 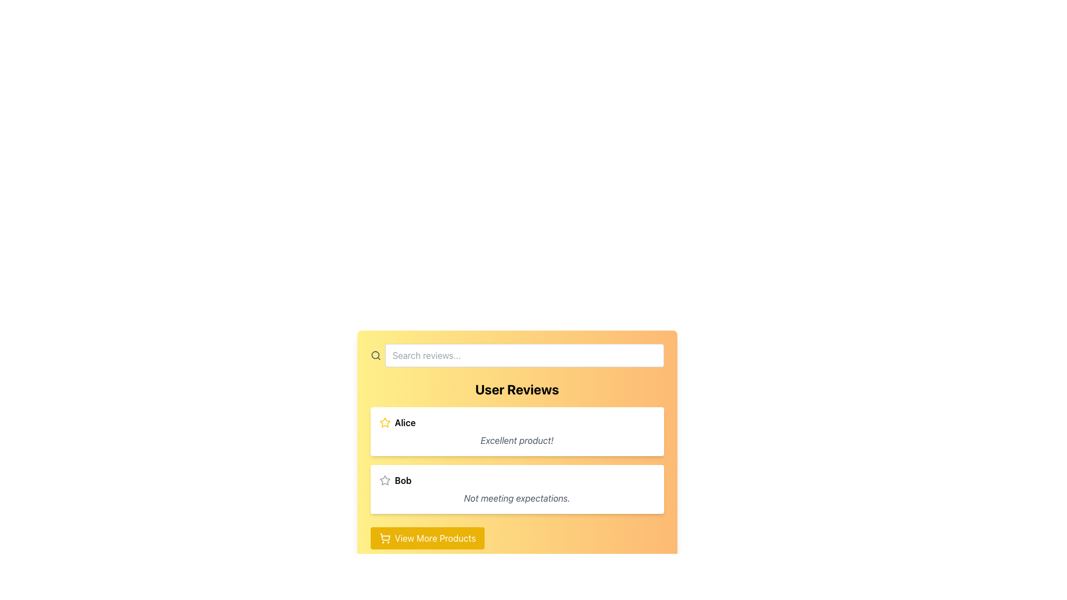 I want to click on the bold text displaying the name 'Alice' located to the right of the yellow star icon in the User Reviews section, so click(x=405, y=422).